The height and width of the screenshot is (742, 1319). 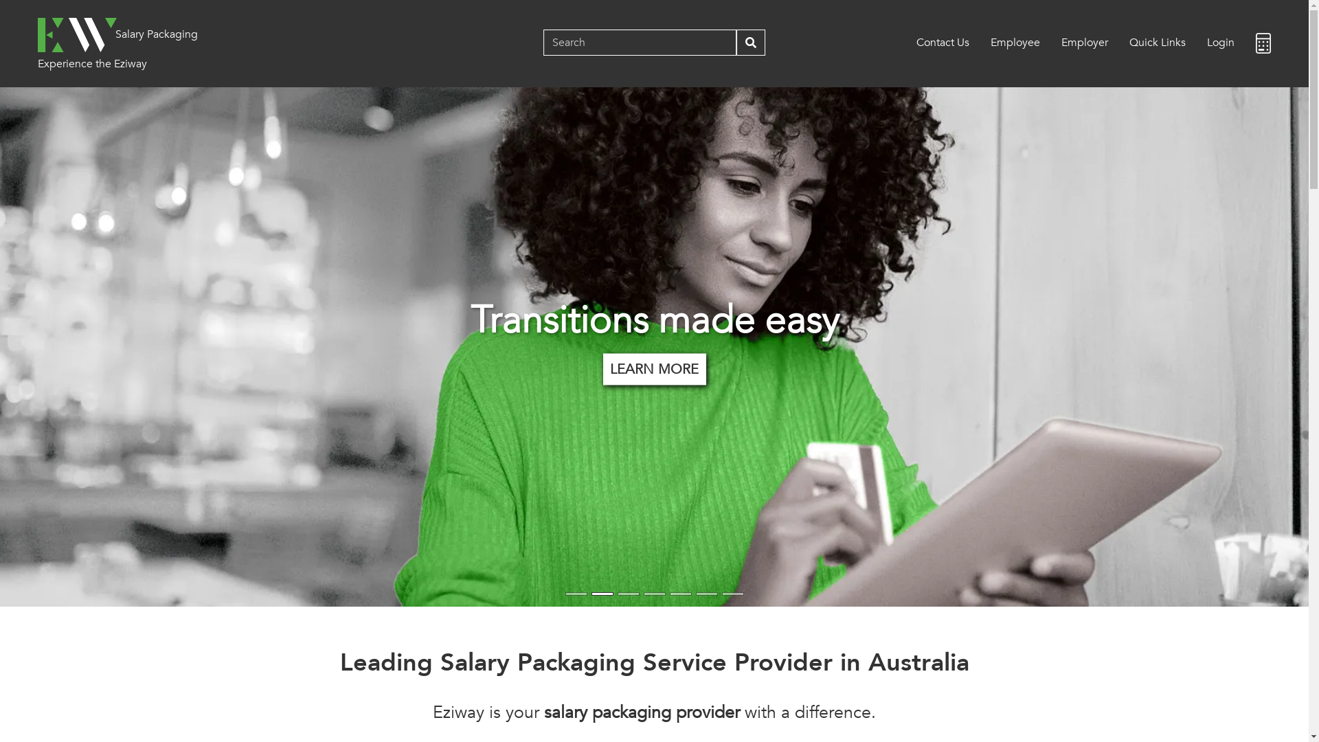 What do you see at coordinates (1015, 41) in the screenshot?
I see `'Employee'` at bounding box center [1015, 41].